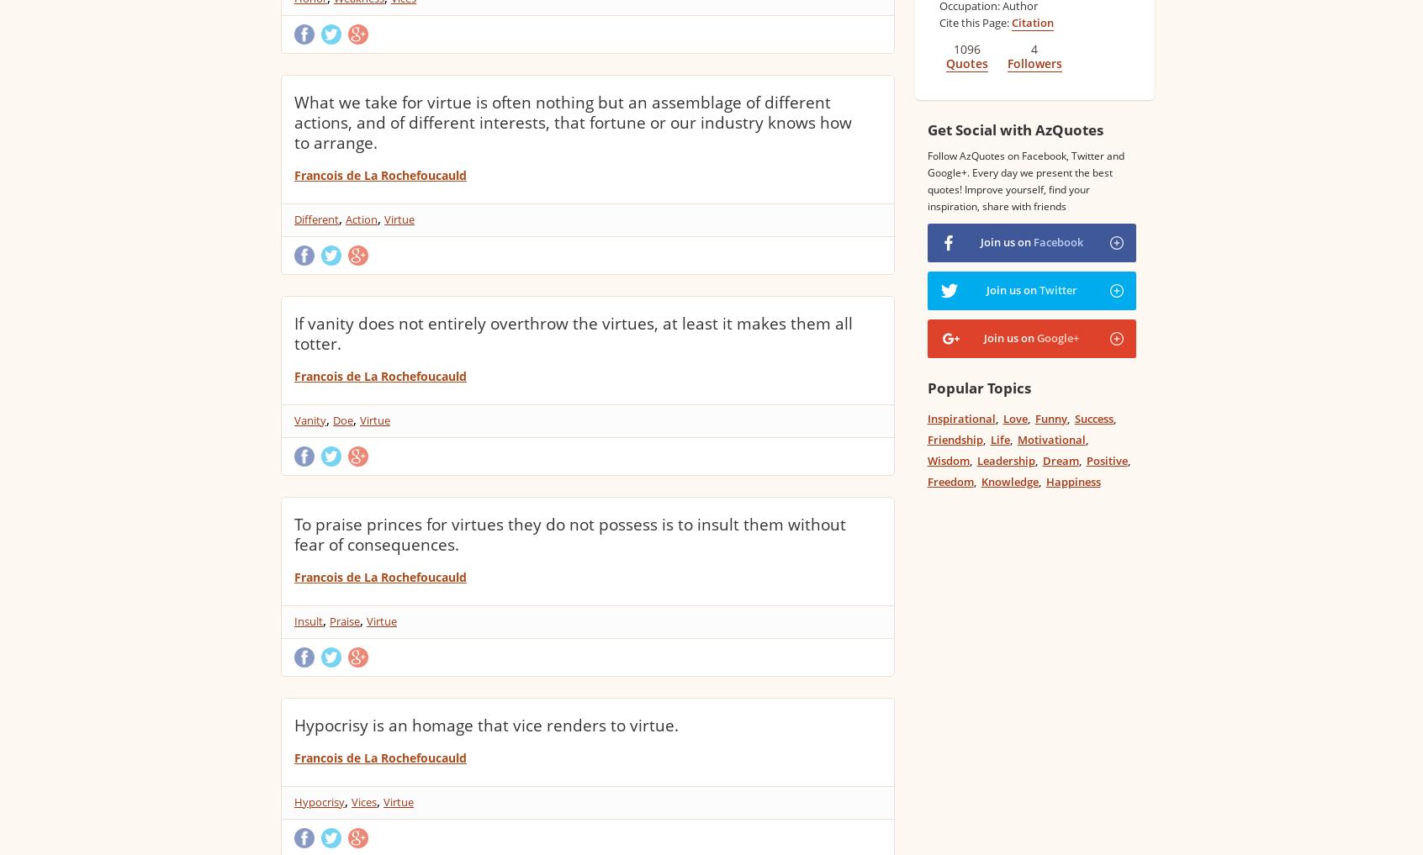  What do you see at coordinates (926, 129) in the screenshot?
I see `'Get Social with AzQuotes'` at bounding box center [926, 129].